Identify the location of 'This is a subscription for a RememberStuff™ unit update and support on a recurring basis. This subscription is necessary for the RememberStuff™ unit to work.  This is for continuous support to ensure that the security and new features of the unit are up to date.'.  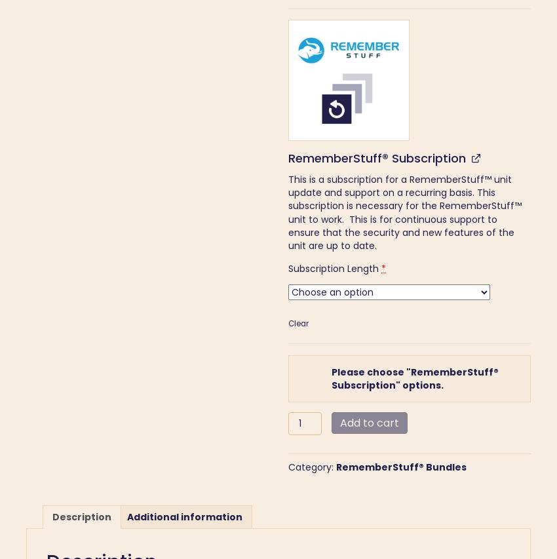
(287, 212).